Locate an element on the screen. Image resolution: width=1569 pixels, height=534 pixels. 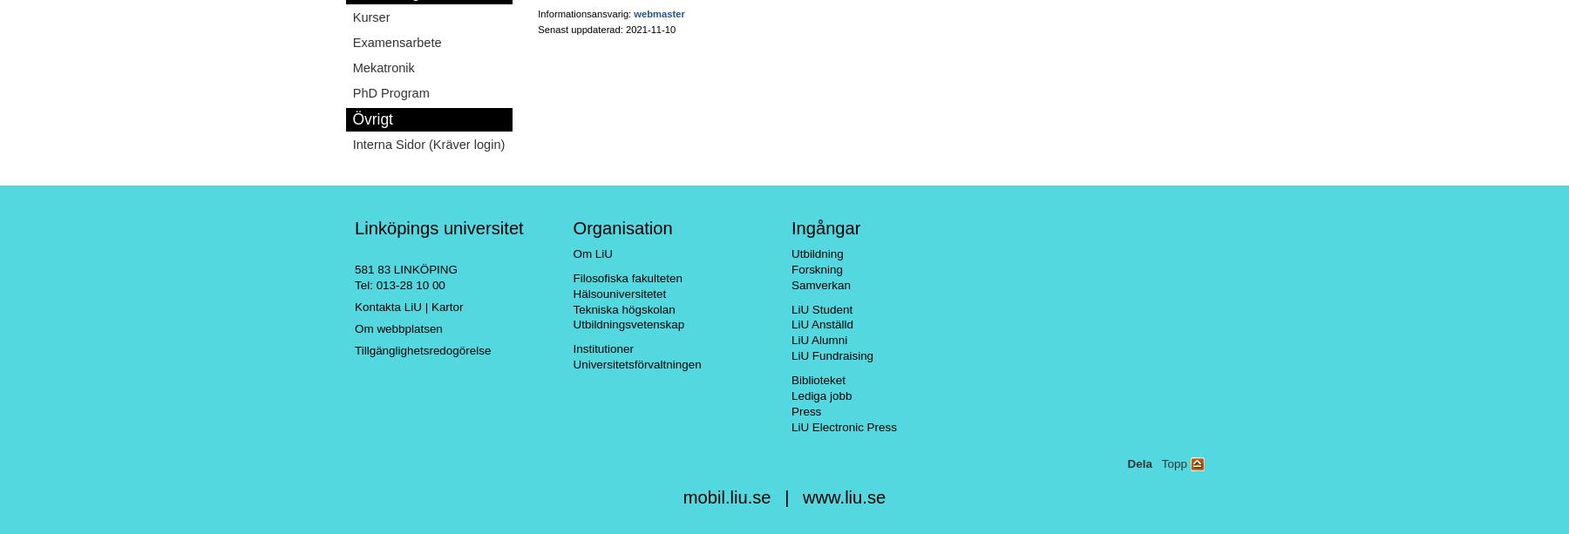
'LiU Electronic Press' is located at coordinates (842, 426).